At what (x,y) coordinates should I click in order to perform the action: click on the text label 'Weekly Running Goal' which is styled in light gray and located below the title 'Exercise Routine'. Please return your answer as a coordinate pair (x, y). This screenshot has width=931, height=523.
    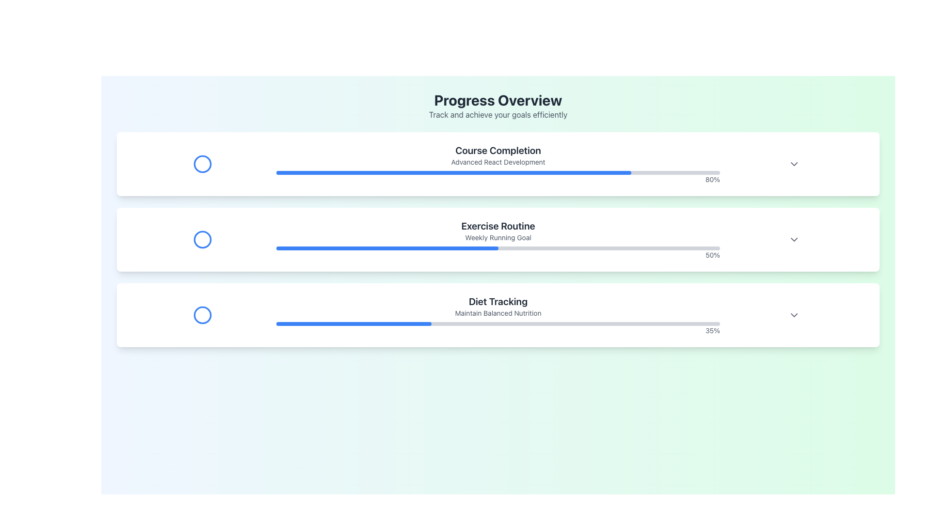
    Looking at the image, I should click on (498, 237).